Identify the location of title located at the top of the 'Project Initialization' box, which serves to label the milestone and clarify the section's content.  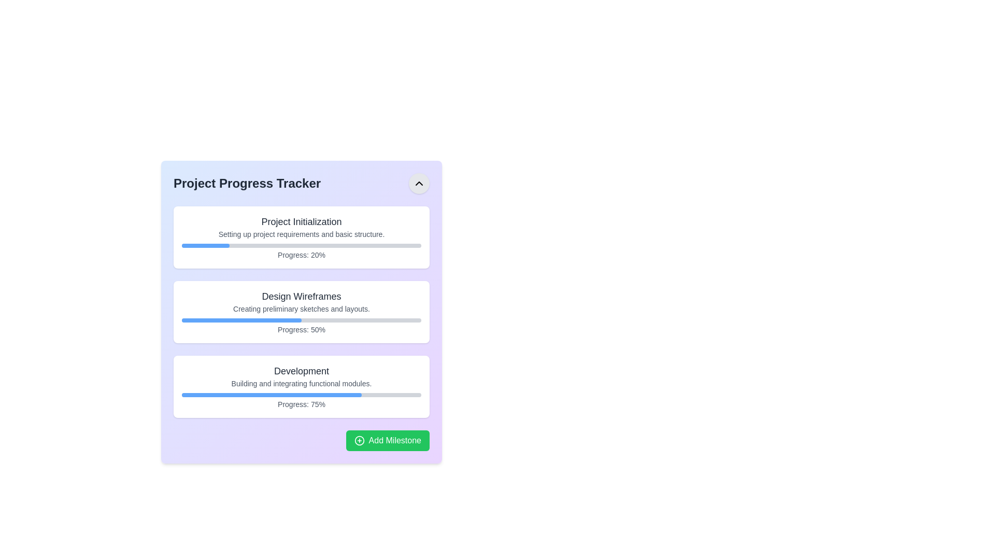
(301, 221).